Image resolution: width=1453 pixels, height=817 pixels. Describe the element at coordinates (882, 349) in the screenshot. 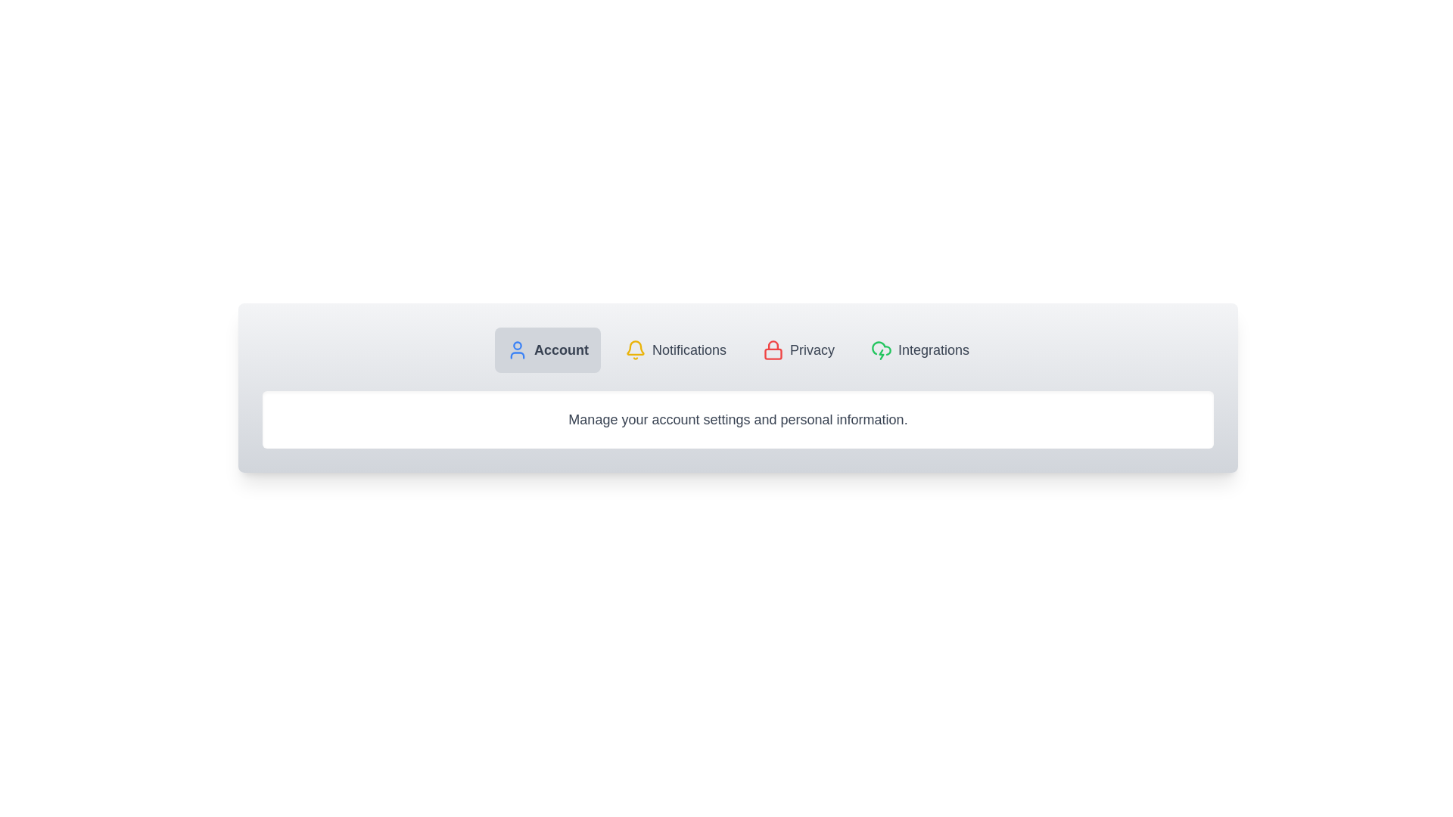

I see `the 'Integrations' icon located in the top-right region of the menu bar, which visually cues the associated menu item` at that location.